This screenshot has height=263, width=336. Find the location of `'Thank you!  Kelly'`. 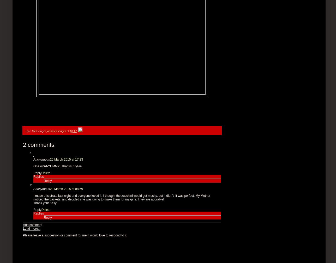

'Thank you!  Kelly' is located at coordinates (44, 203).